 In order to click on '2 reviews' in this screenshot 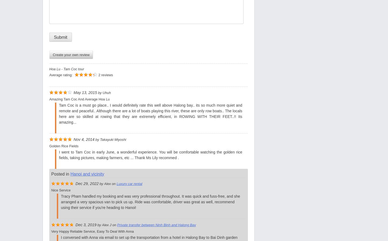, I will do `click(105, 75)`.